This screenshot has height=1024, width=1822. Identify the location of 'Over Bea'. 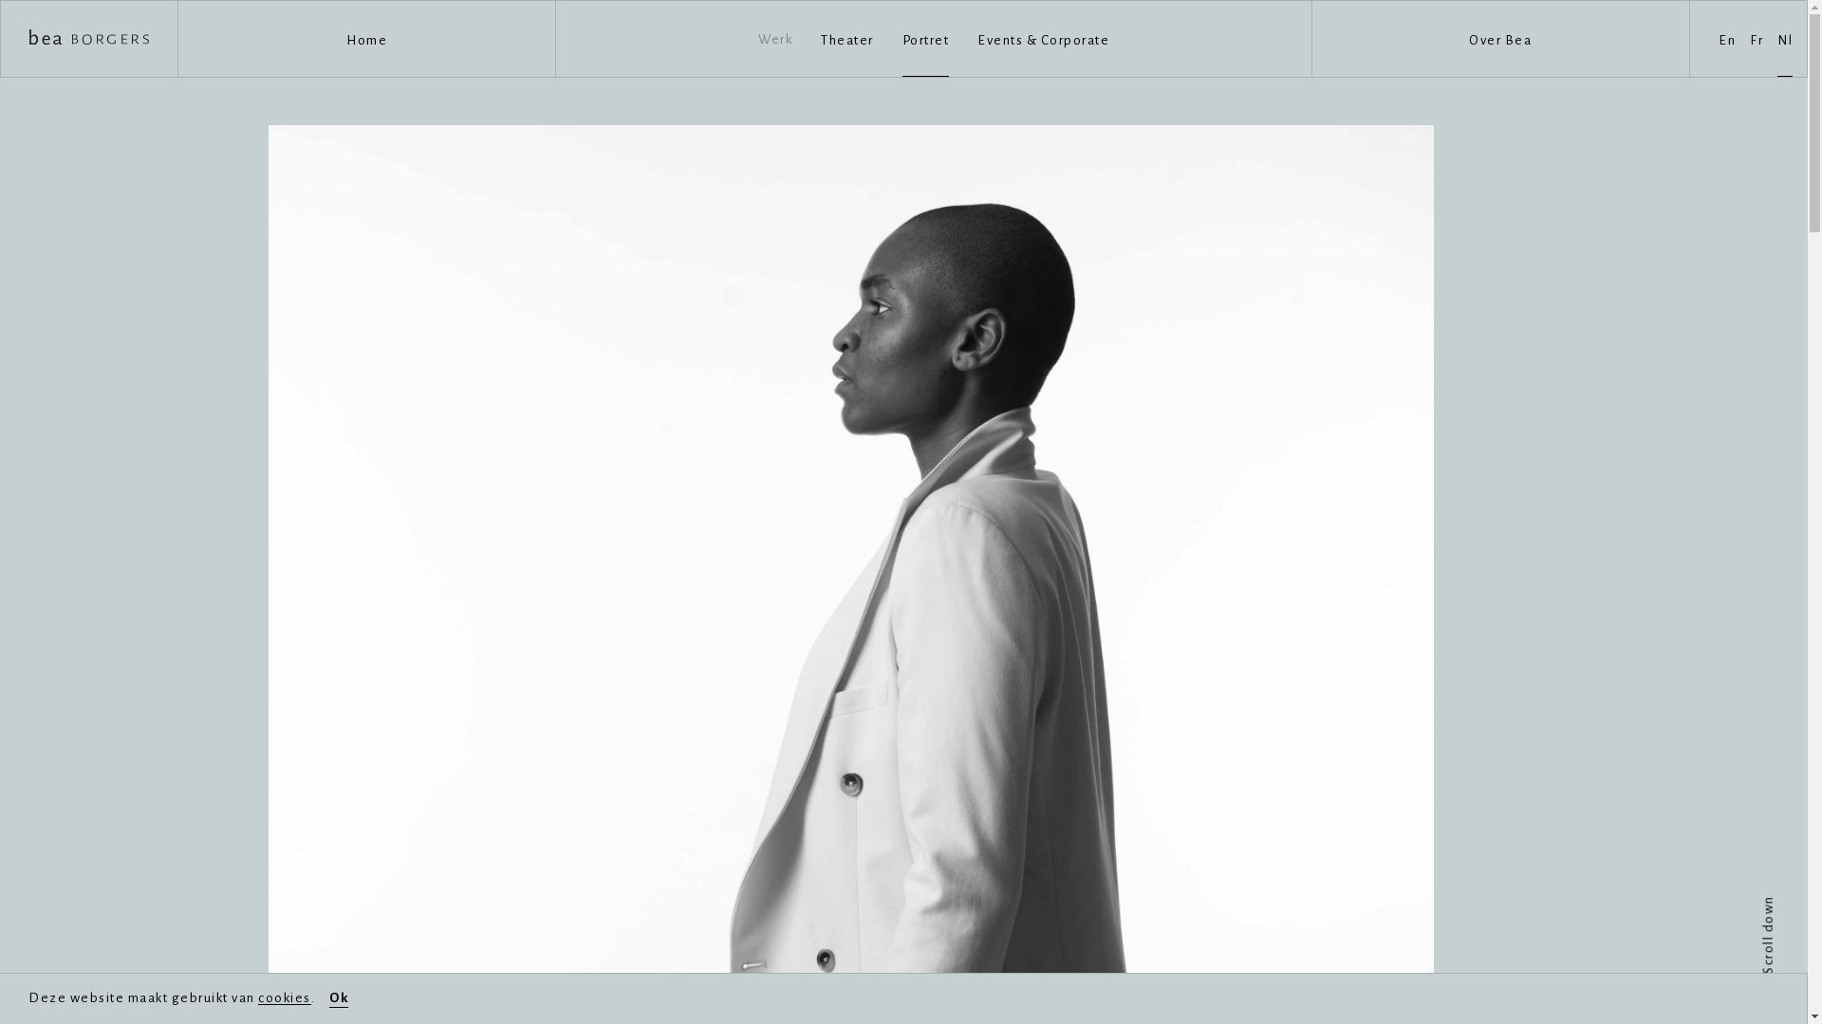
(1498, 39).